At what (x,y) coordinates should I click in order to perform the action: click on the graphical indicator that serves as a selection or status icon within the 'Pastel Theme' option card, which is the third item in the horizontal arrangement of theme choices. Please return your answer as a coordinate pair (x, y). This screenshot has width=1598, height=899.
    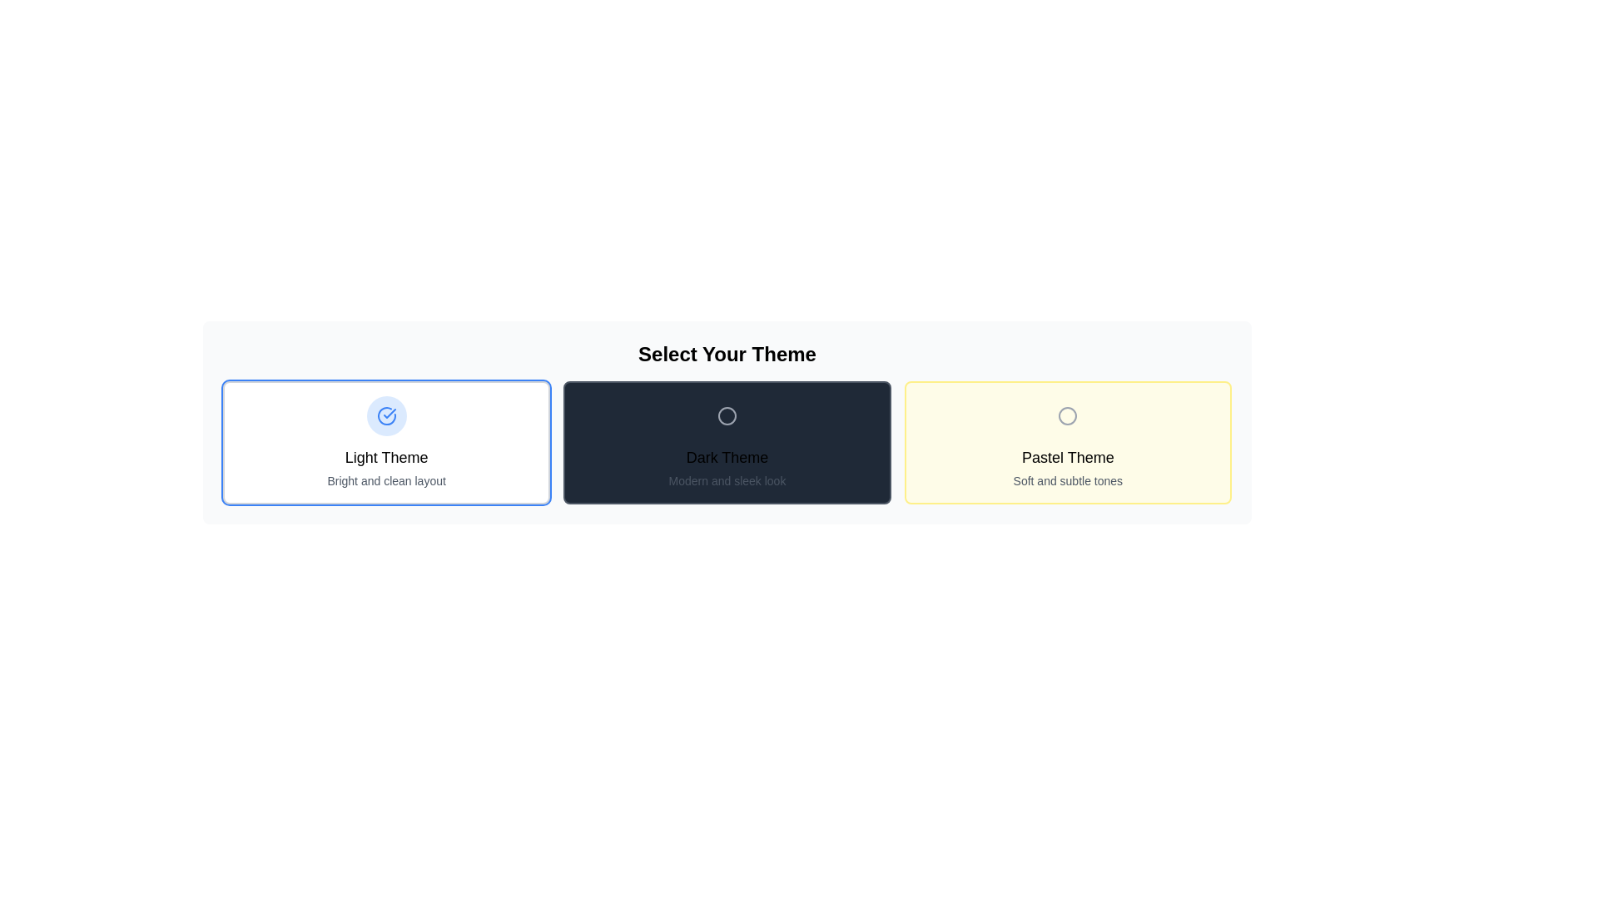
    Looking at the image, I should click on (1068, 415).